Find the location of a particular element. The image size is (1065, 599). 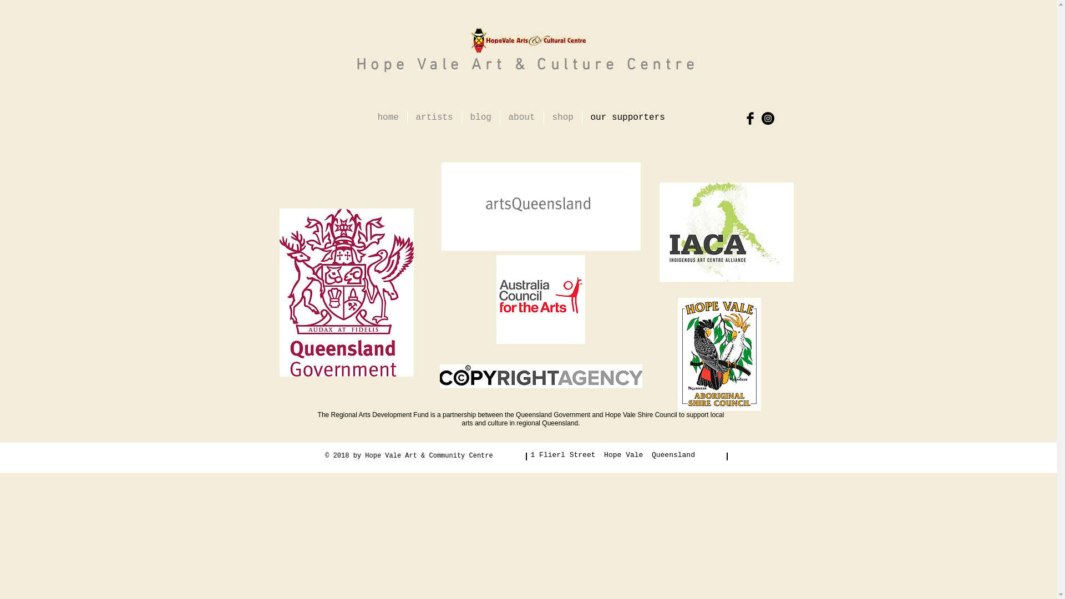

'our supporters' is located at coordinates (628, 118).